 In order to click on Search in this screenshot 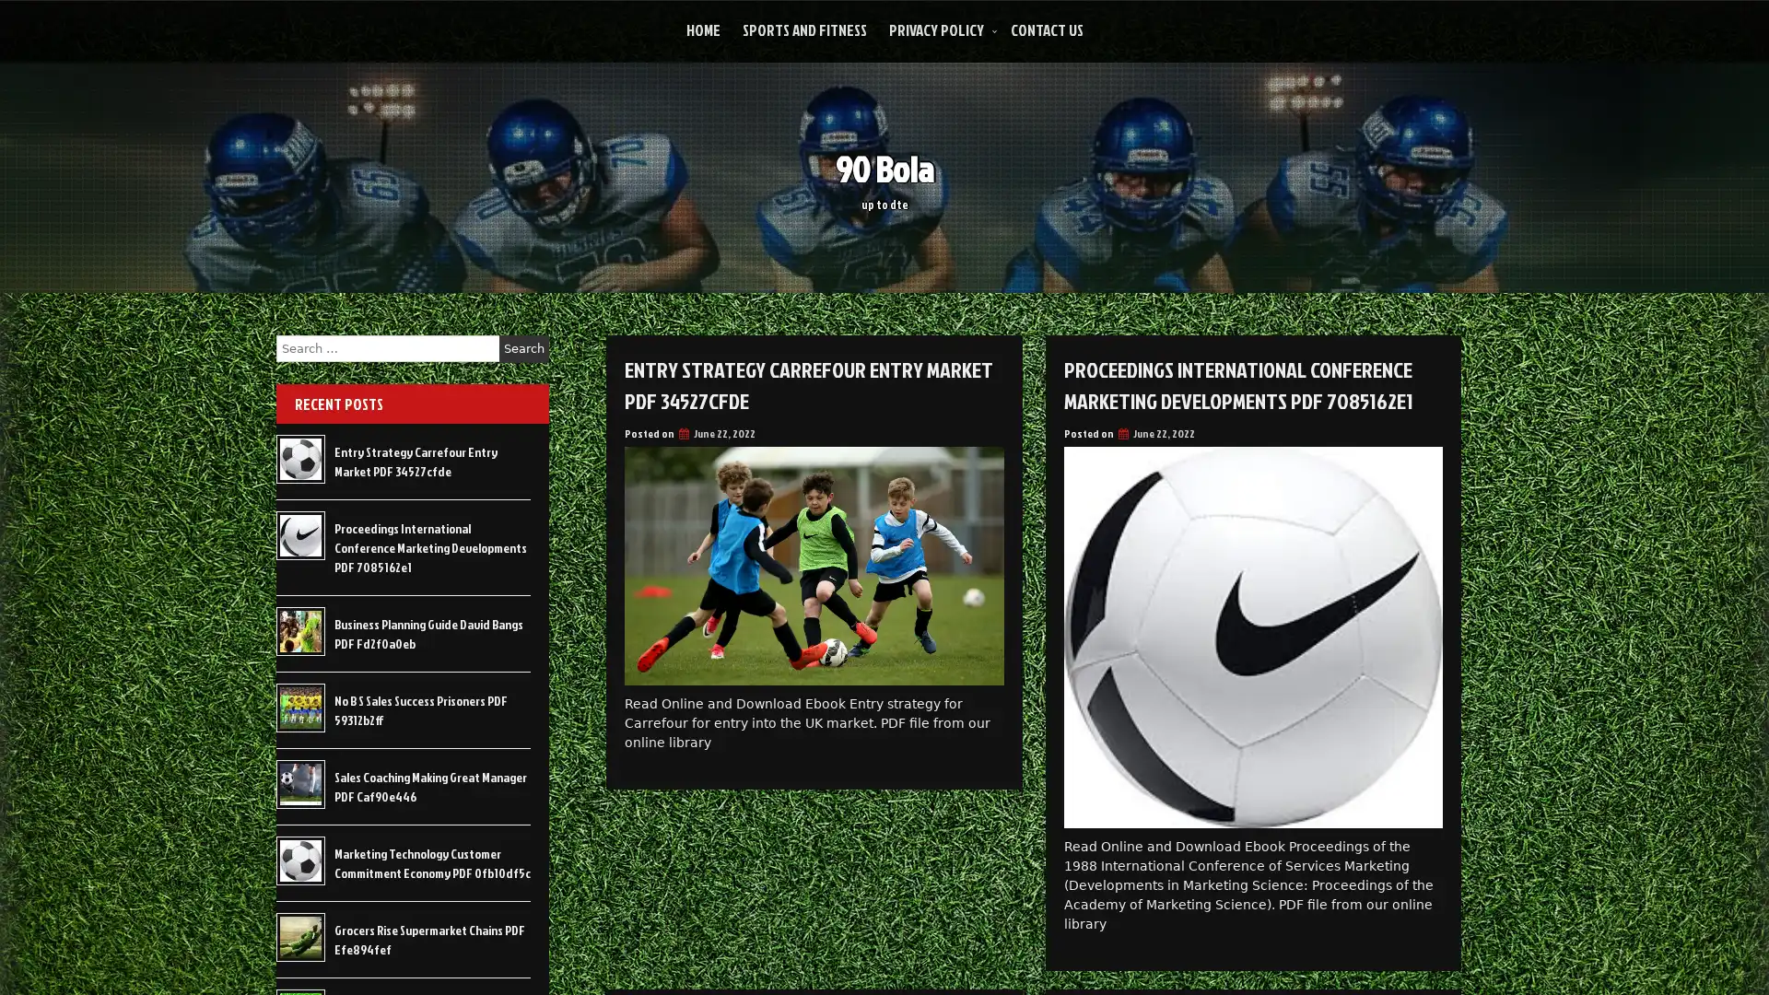, I will do `click(523, 348)`.